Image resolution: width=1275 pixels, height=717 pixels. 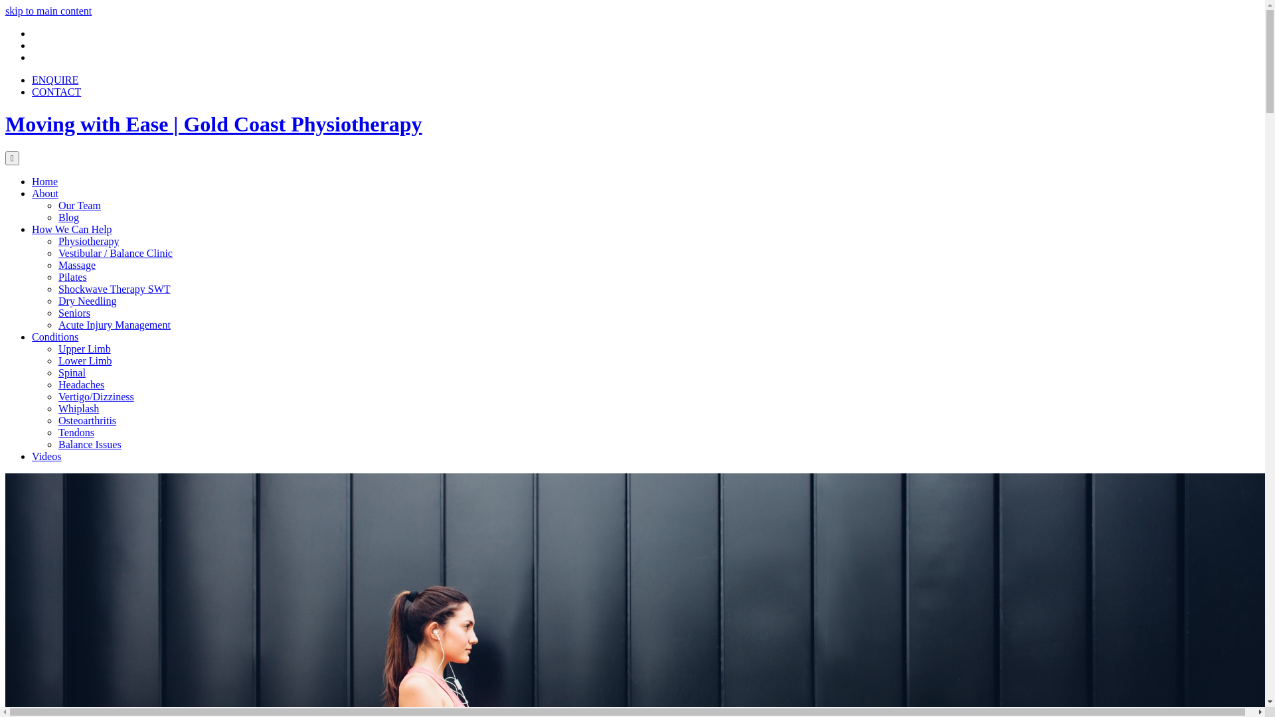 What do you see at coordinates (76, 432) in the screenshot?
I see `'Tendons'` at bounding box center [76, 432].